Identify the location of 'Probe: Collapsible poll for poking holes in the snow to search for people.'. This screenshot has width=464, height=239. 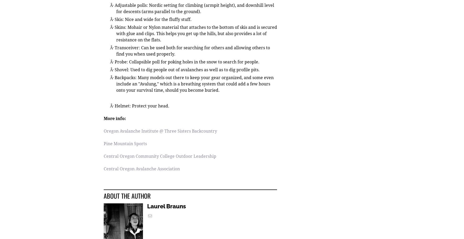
(114, 62).